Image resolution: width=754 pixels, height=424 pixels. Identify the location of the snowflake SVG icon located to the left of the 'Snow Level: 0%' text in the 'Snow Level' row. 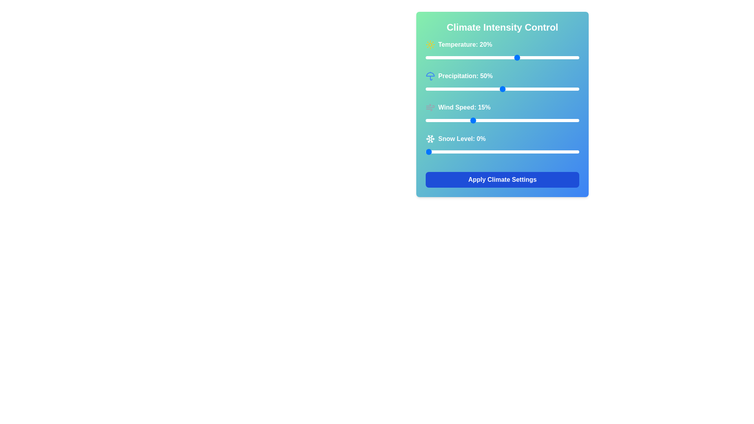
(430, 139).